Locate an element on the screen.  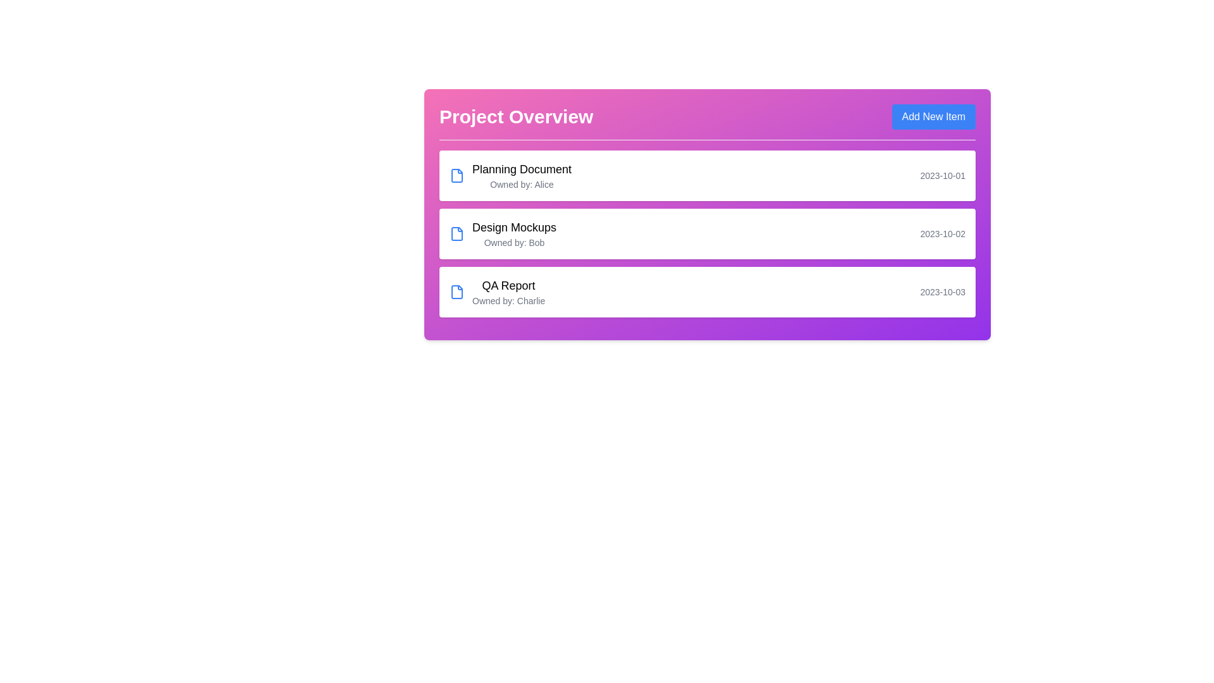
the static text label indicating ownership of the 'Planning Document', located in the top-left card below the text 'Planning Document' is located at coordinates (522, 185).